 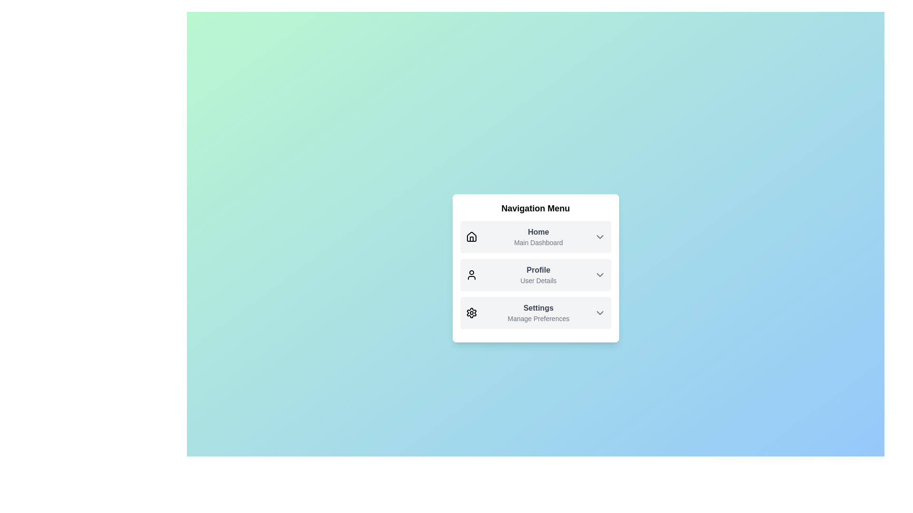 What do you see at coordinates (535, 313) in the screenshot?
I see `the menu item Settings to observe its hover effect` at bounding box center [535, 313].